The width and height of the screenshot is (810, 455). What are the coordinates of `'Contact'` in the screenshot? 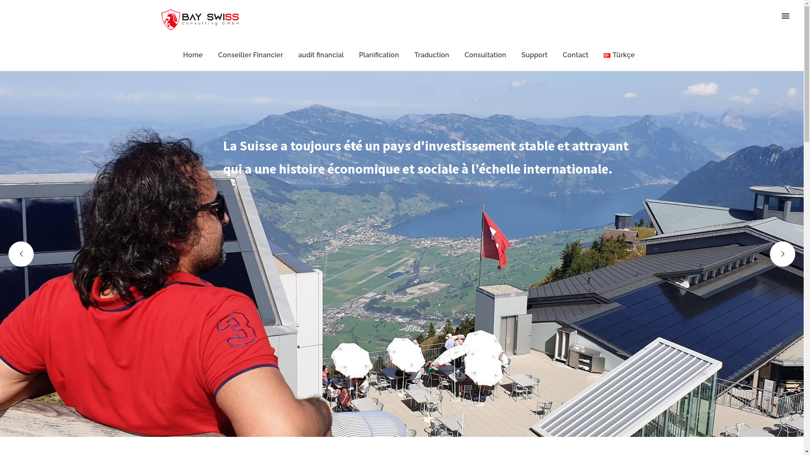 It's located at (575, 55).